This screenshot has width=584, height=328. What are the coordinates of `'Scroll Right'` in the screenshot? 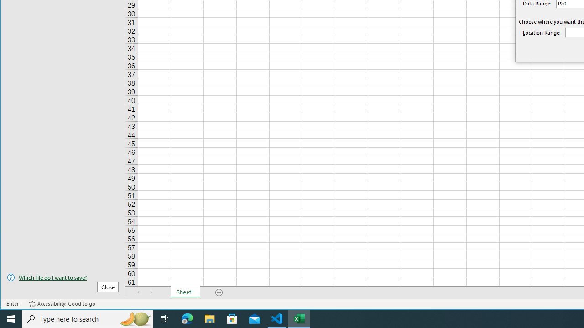 It's located at (151, 292).